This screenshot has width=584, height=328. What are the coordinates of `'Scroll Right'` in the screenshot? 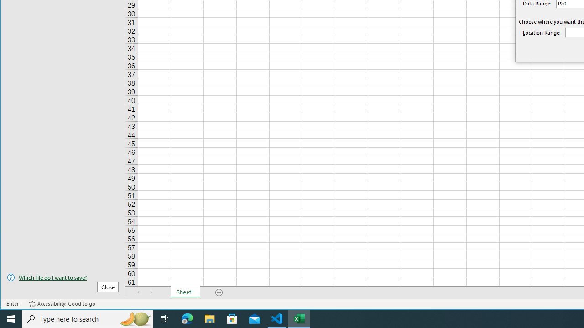 It's located at (151, 292).